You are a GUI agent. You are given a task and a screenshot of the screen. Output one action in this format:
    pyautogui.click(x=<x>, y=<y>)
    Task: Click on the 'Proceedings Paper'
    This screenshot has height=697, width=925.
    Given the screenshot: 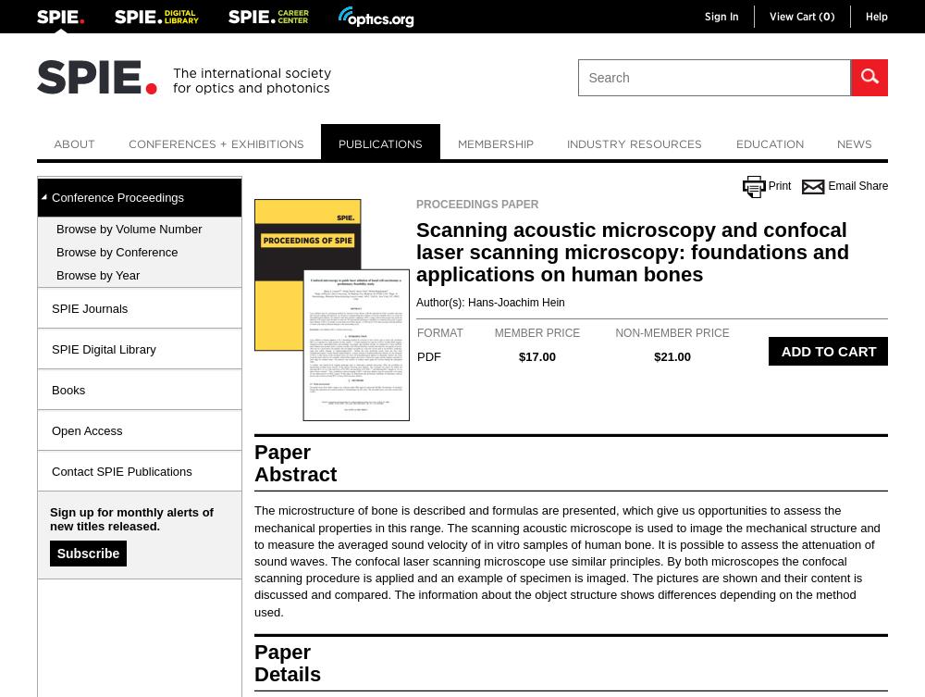 What is the action you would take?
    pyautogui.click(x=477, y=204)
    